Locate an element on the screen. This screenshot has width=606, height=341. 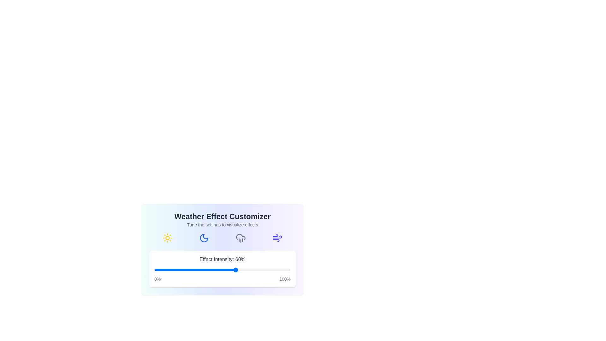
the supplementary text label 'Tune the settings to visualize effects', which is styled in small gray text and located directly below the title 'Weather Effect Customizer' is located at coordinates (223, 224).